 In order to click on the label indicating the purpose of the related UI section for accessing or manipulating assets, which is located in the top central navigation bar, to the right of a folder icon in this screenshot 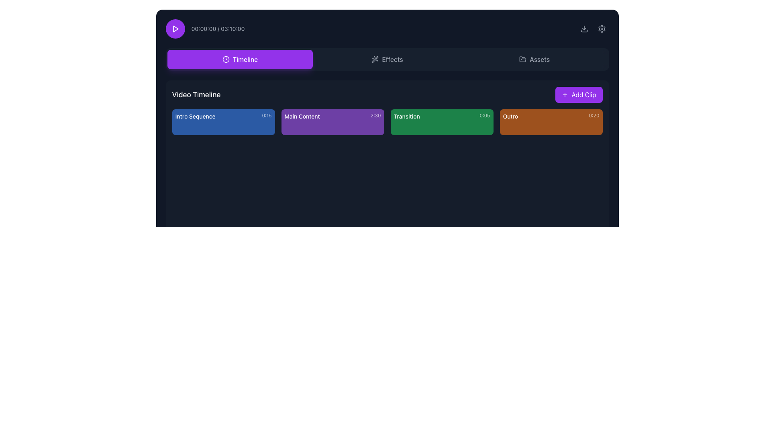, I will do `click(540, 59)`.